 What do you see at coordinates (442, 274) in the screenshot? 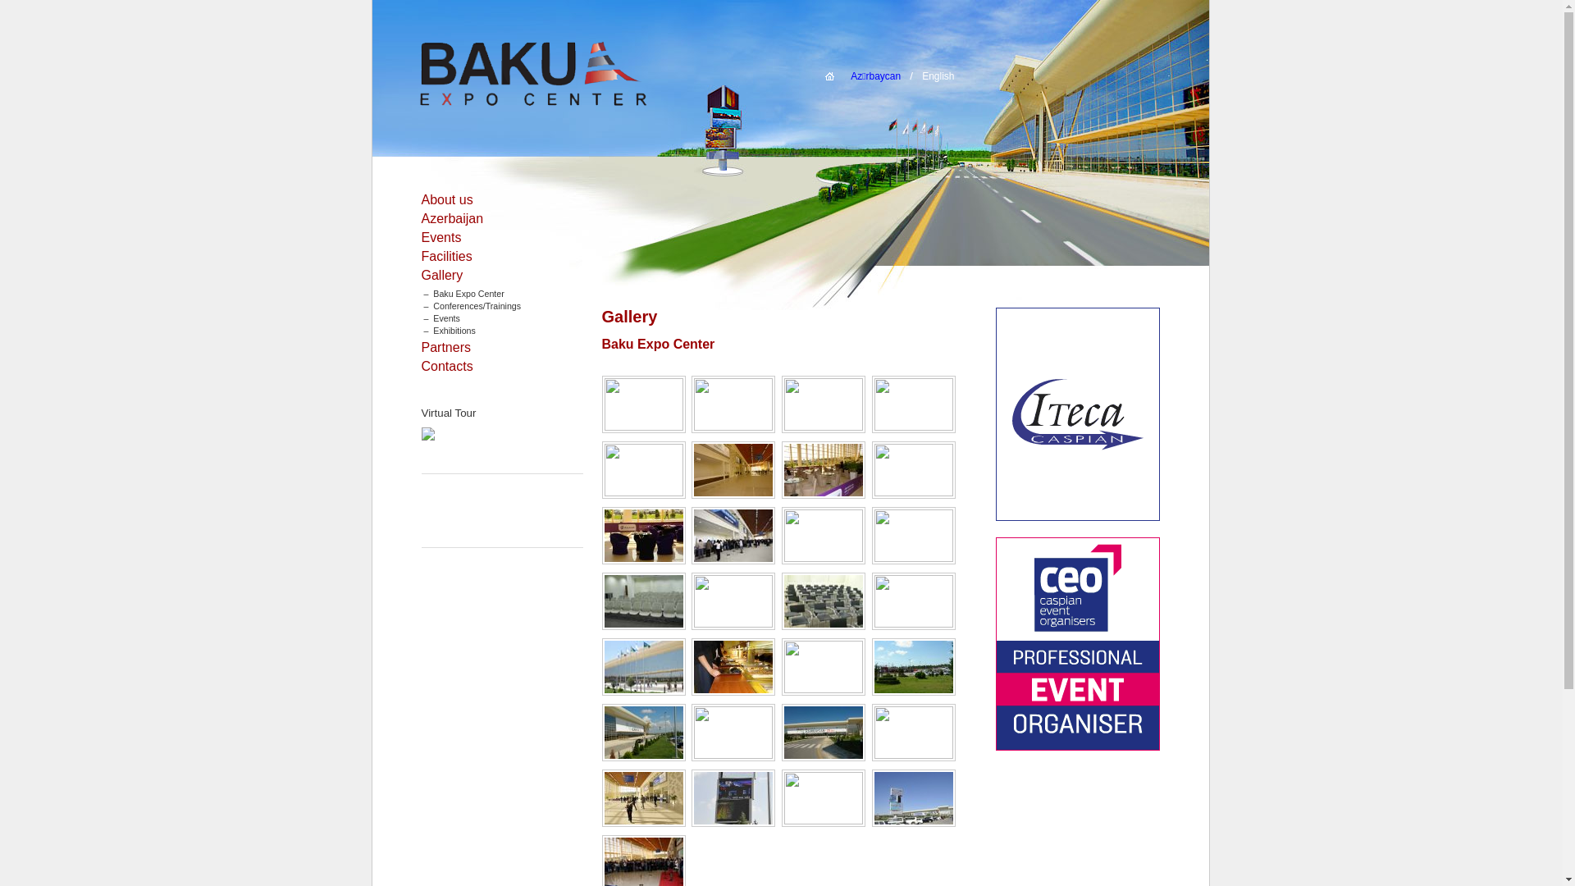
I see `'Gallery'` at bounding box center [442, 274].